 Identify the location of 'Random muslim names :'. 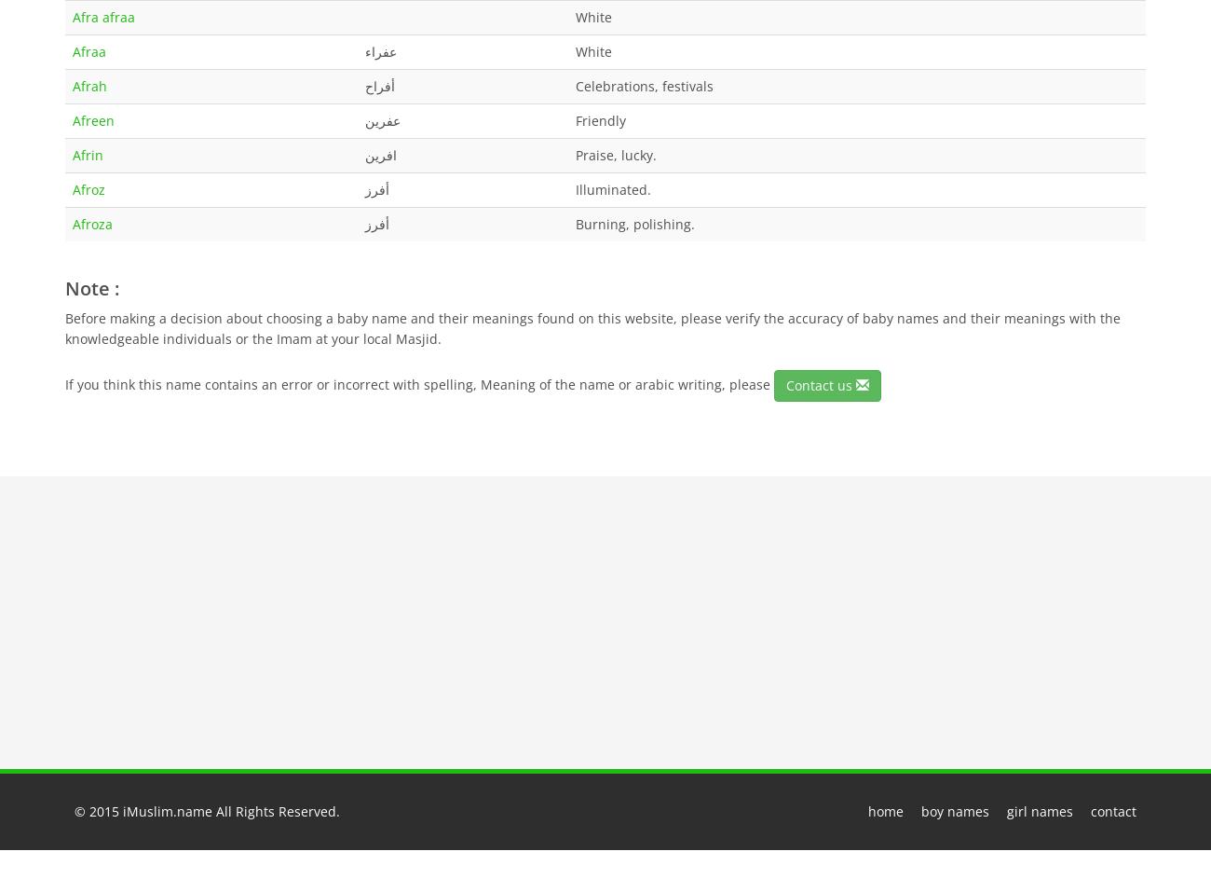
(171, 570).